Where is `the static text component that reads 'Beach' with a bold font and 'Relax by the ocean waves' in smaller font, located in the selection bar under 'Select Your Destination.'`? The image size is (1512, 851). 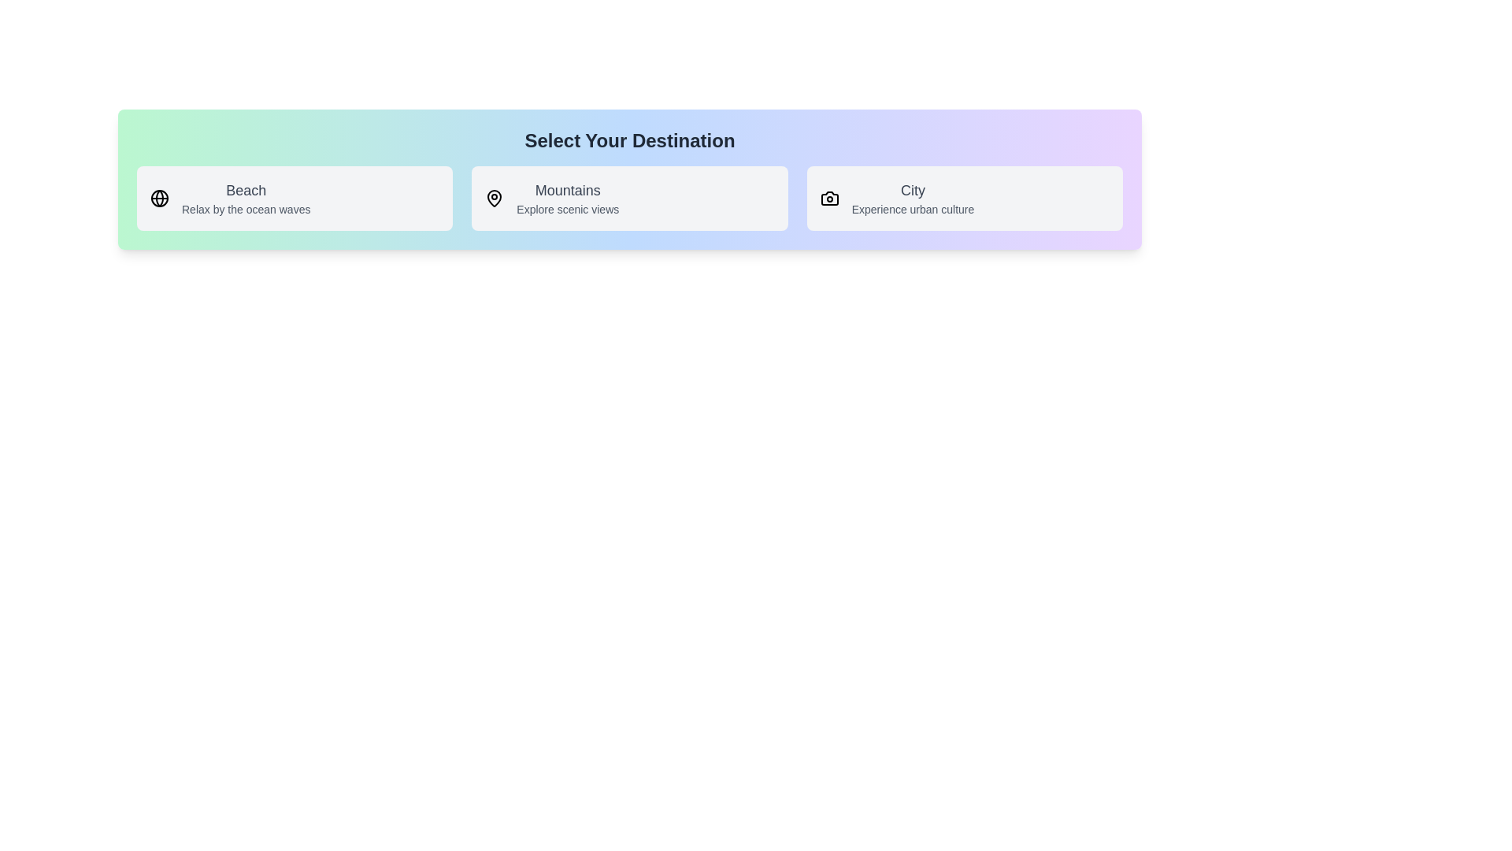
the static text component that reads 'Beach' with a bold font and 'Relax by the ocean waves' in smaller font, located in the selection bar under 'Select Your Destination.' is located at coordinates (245, 197).